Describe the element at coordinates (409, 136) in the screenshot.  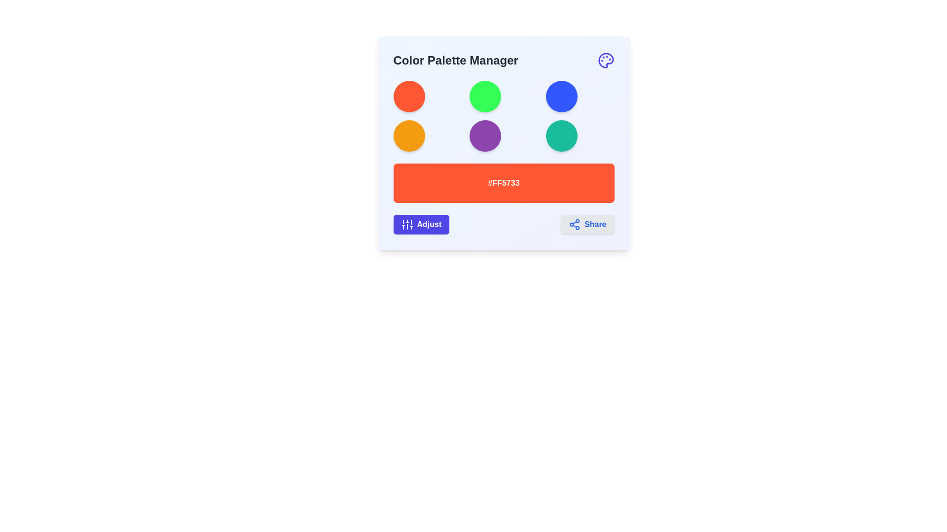
I see `the fourth circular button` at that location.